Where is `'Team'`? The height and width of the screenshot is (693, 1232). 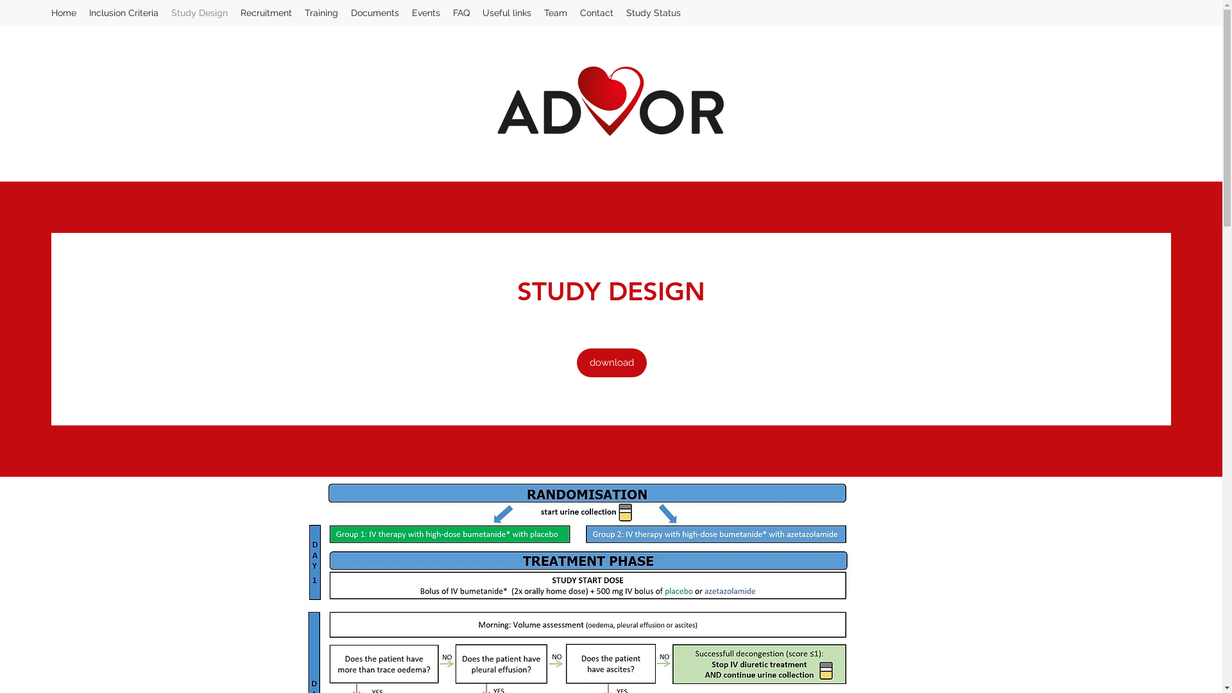 'Team' is located at coordinates (555, 12).